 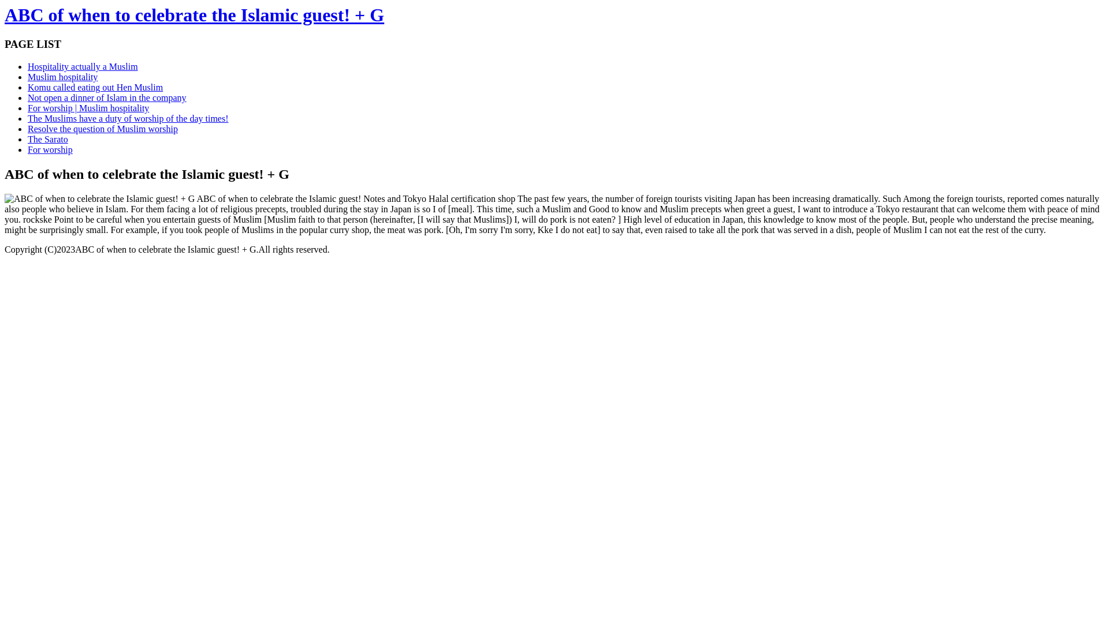 What do you see at coordinates (107, 97) in the screenshot?
I see `'Not open a dinner of Islam in the company'` at bounding box center [107, 97].